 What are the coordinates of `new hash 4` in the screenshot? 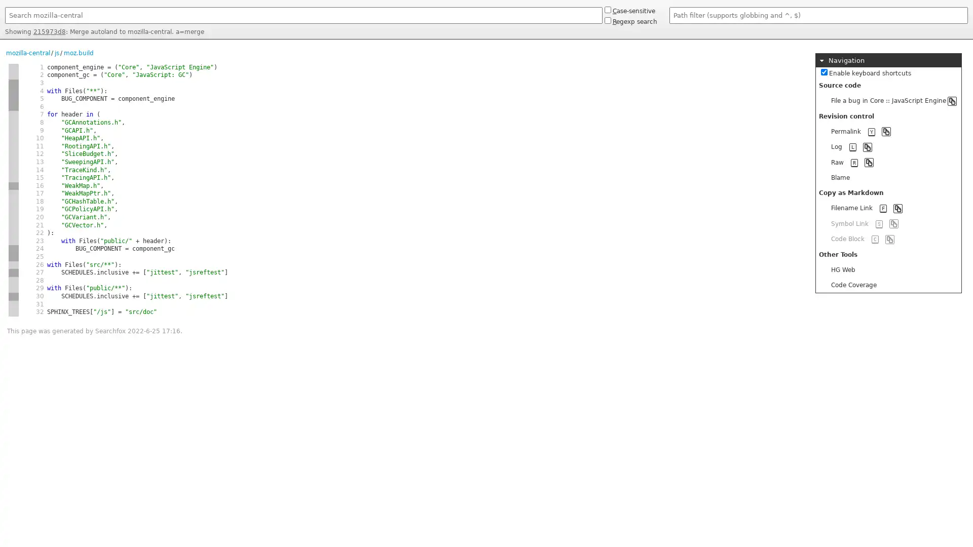 It's located at (14, 264).